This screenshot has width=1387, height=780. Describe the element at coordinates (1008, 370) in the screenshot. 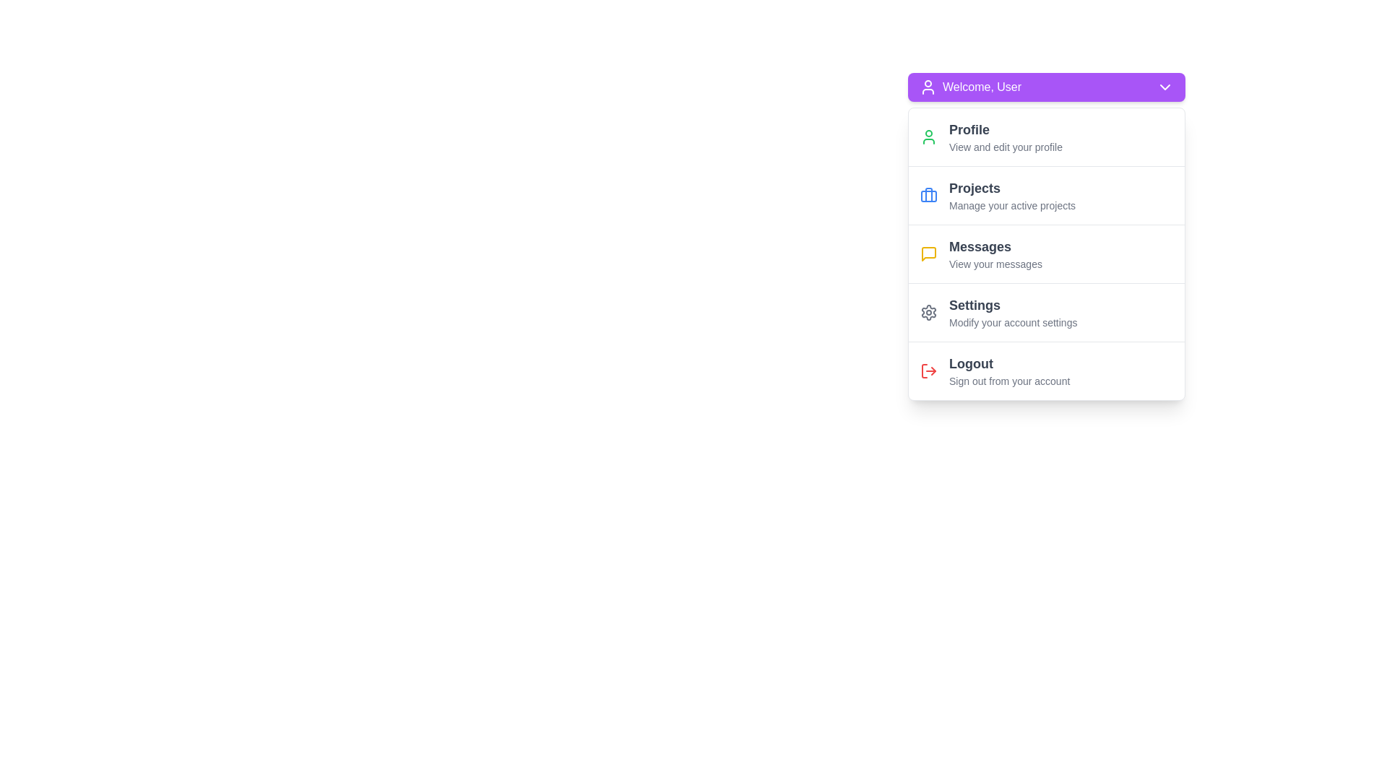

I see `the 'Logout' list item in the dropdown menu` at that location.